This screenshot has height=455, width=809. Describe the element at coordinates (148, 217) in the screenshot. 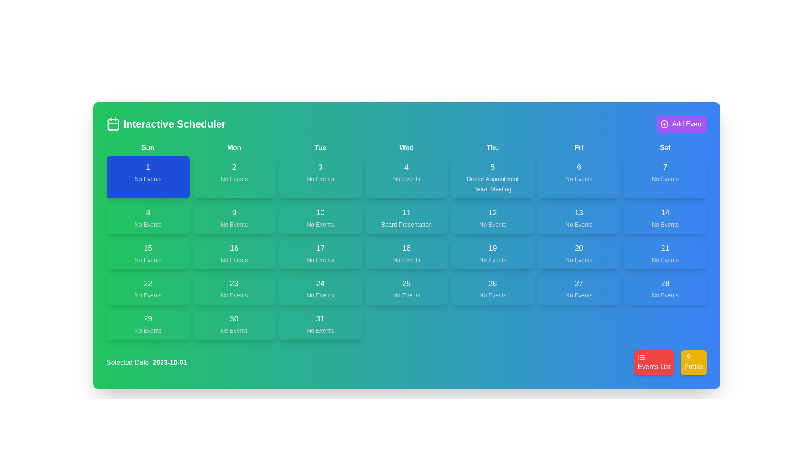

I see `the calendar date card displaying the number '8' with the phrase 'No Events' below it, located in the second row and first column of the calendar under the 'Sun' heading` at that location.